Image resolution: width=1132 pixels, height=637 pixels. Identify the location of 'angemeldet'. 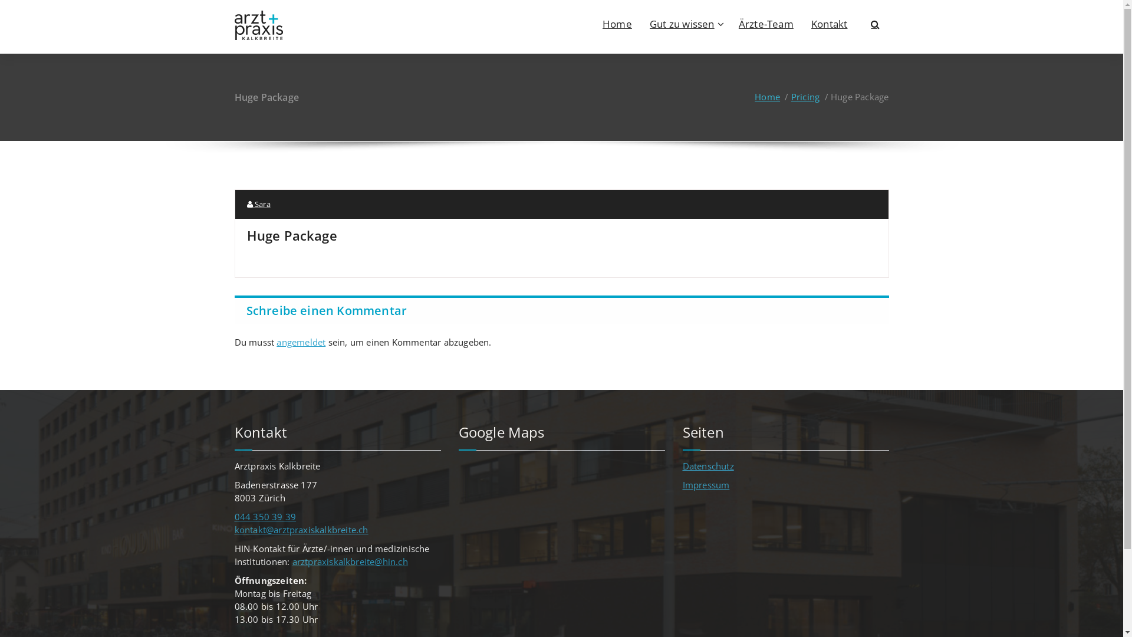
(301, 342).